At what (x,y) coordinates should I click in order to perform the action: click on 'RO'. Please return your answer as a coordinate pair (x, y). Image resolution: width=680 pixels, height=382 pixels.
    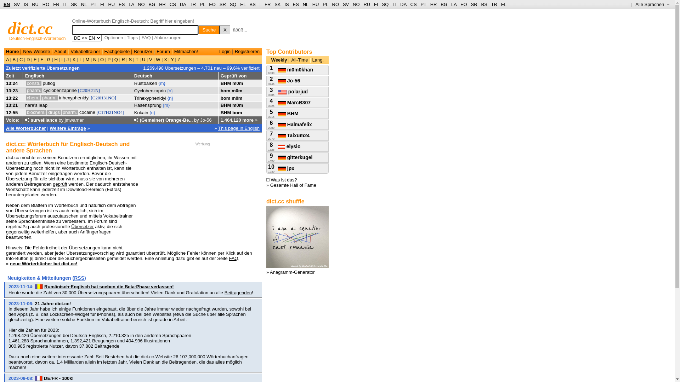
    Looking at the image, I should click on (335, 4).